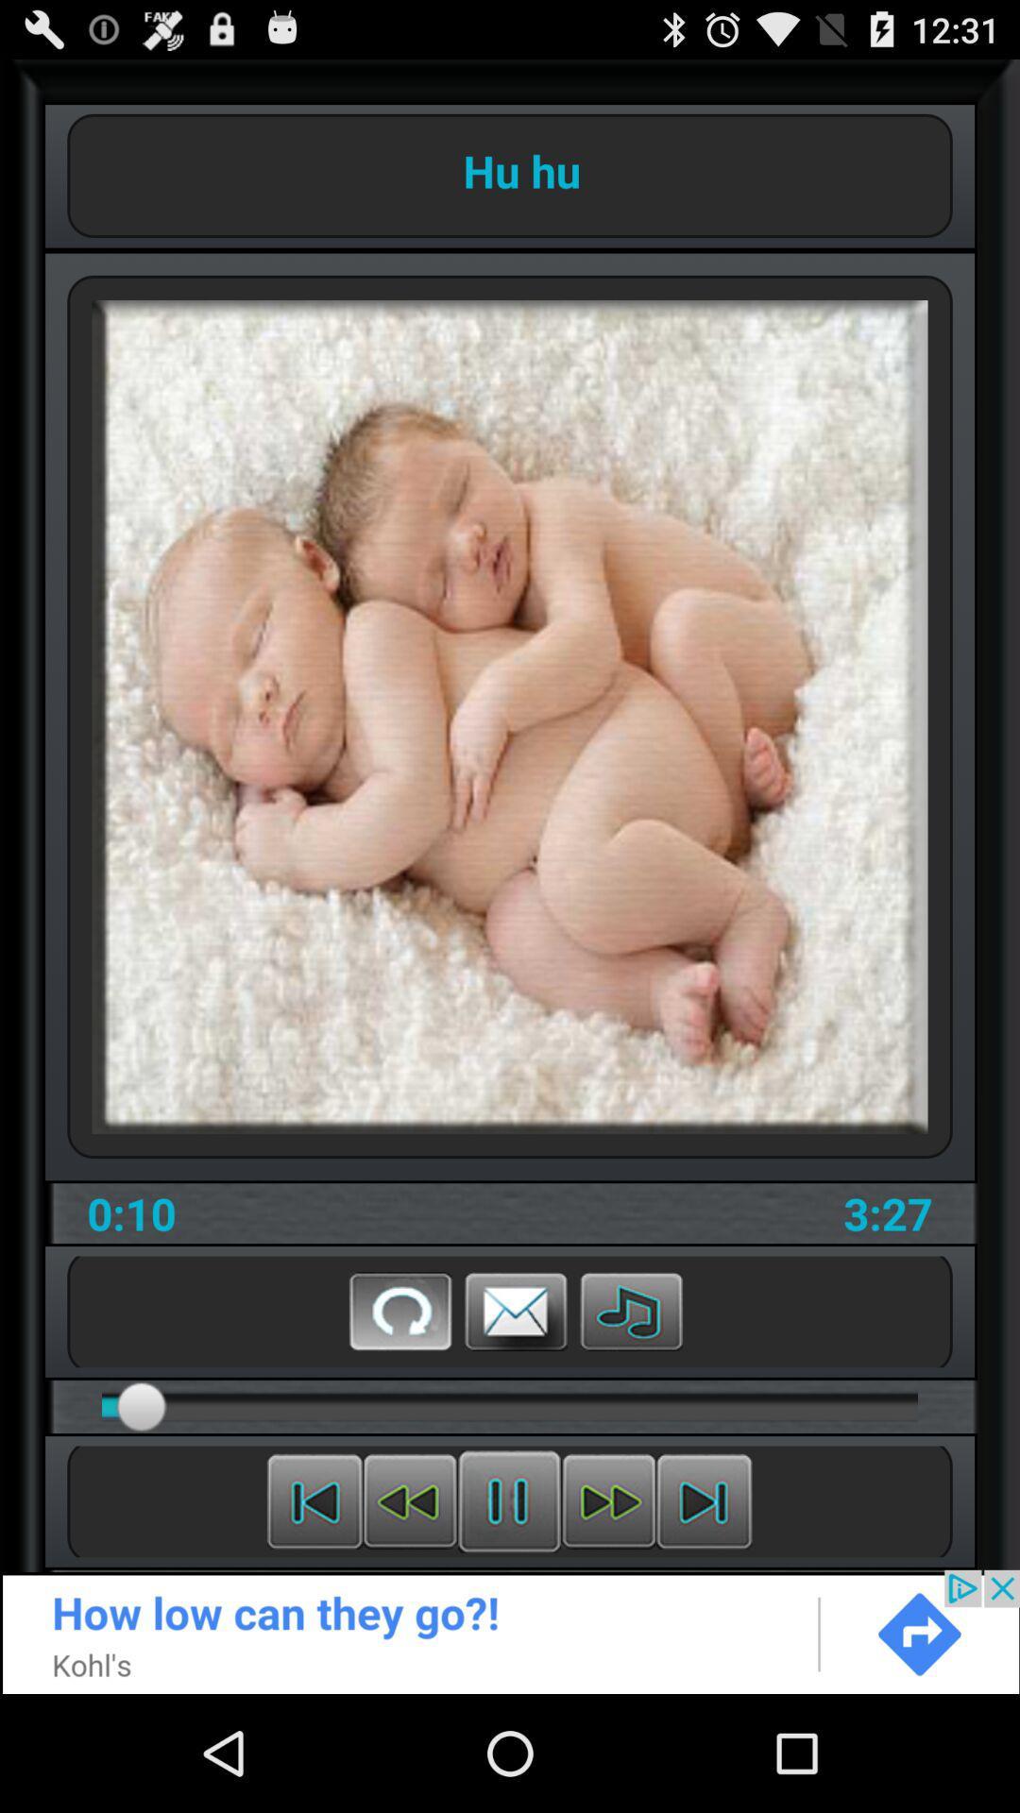 Image resolution: width=1020 pixels, height=1813 pixels. What do you see at coordinates (508, 1606) in the screenshot?
I see `the sliders icon` at bounding box center [508, 1606].